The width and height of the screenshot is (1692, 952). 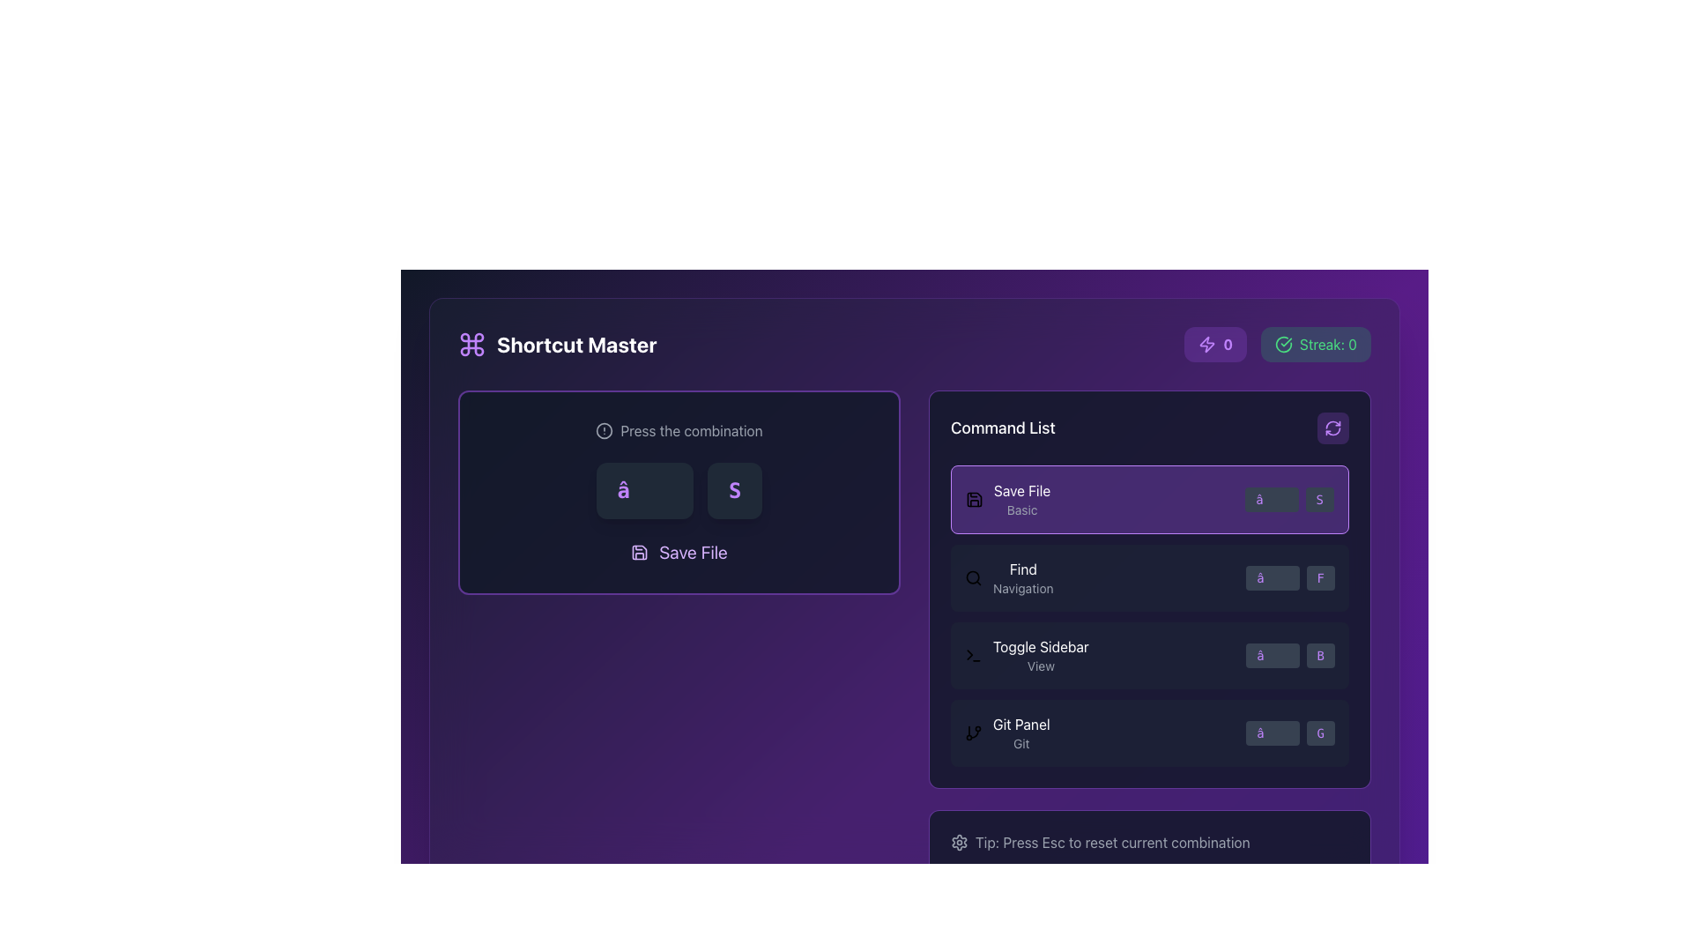 What do you see at coordinates (973, 500) in the screenshot?
I see `the compact save icon, resembling an old floppy disk, located on the left side of the 'Save File' item in the 'Command List' section` at bounding box center [973, 500].